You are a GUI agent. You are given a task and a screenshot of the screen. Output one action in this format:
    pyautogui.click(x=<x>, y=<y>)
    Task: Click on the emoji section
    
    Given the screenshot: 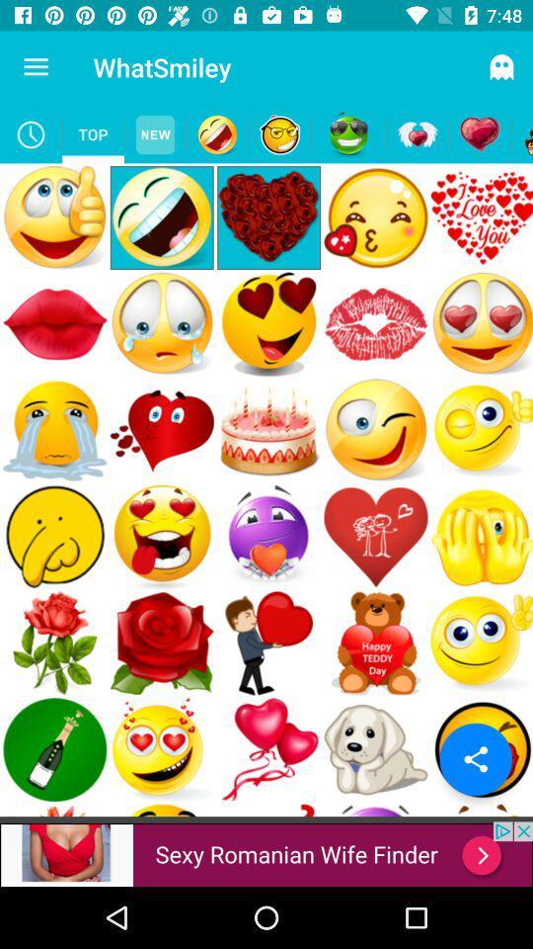 What is the action you would take?
    pyautogui.click(x=347, y=133)
    